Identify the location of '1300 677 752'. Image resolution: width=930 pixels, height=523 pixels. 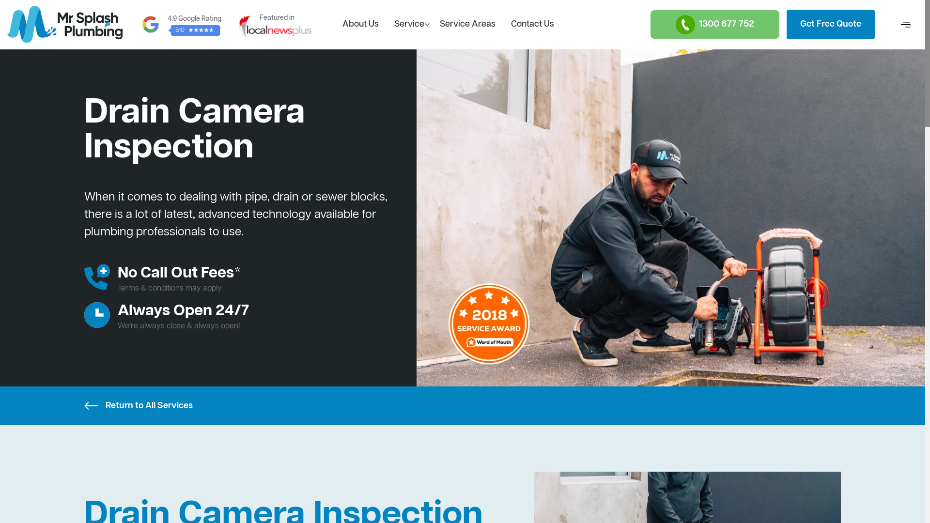
(714, 24).